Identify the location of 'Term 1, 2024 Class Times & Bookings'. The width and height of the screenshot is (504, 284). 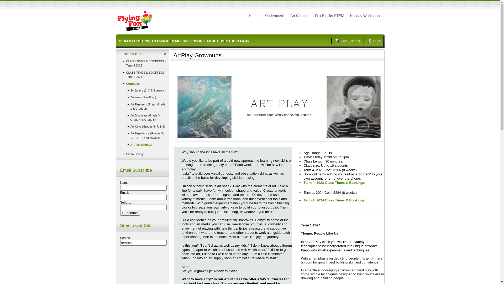
(334, 200).